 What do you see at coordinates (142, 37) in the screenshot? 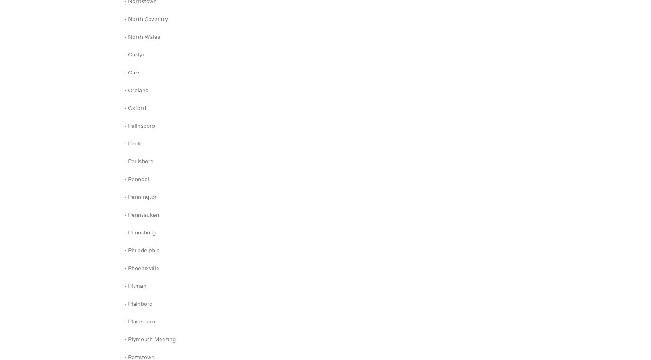
I see `'· North Wales'` at bounding box center [142, 37].